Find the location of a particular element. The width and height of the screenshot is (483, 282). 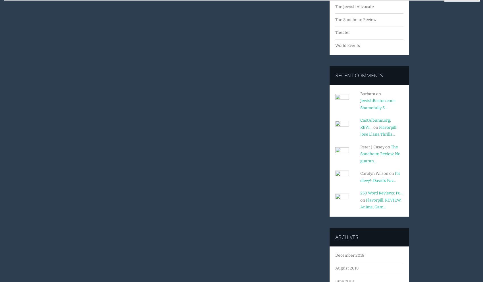

'Theater' is located at coordinates (342, 32).